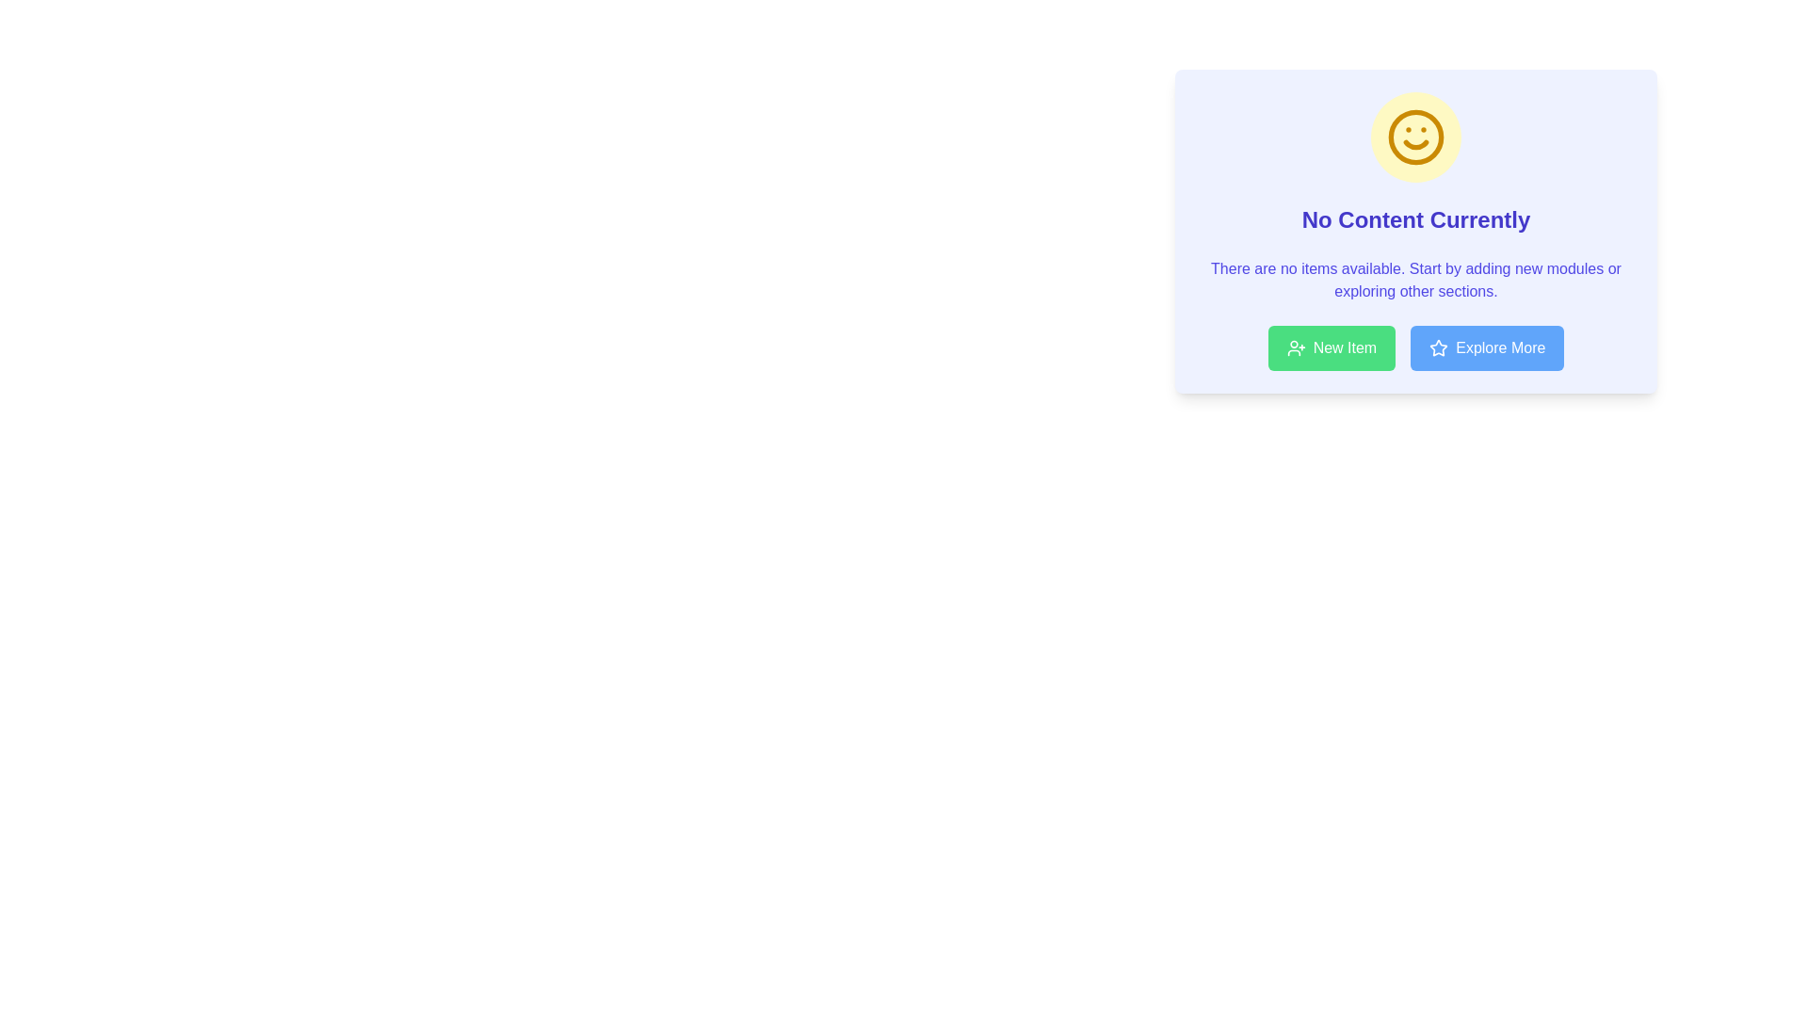 The height and width of the screenshot is (1017, 1808). What do you see at coordinates (1415, 219) in the screenshot?
I see `the text label that reads 'No Content Currently', which is prominently displayed in a bold, large indigo font within a card layout` at bounding box center [1415, 219].